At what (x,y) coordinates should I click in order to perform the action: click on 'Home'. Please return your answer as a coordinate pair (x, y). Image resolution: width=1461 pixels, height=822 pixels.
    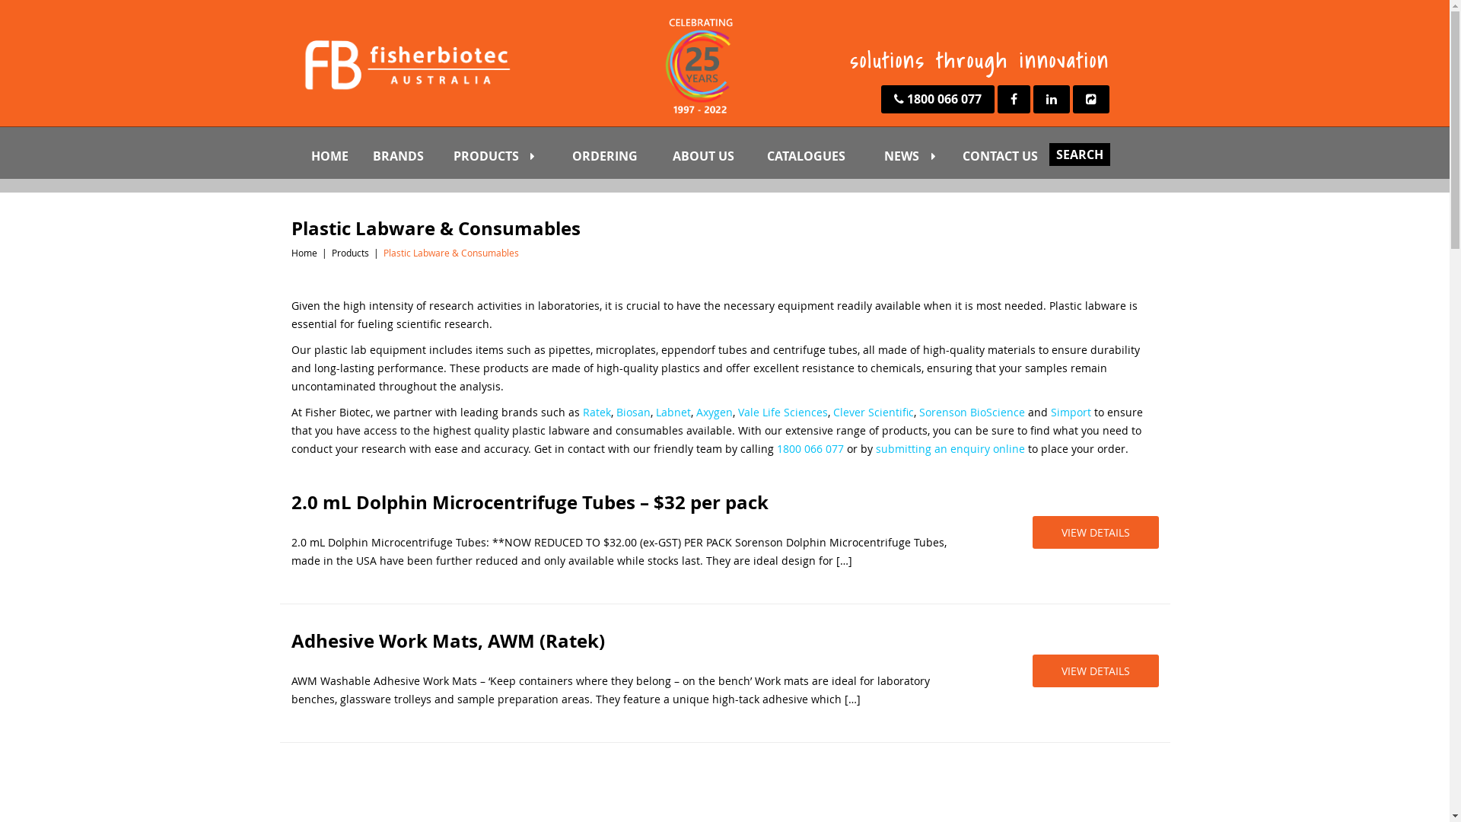
    Looking at the image, I should click on (303, 251).